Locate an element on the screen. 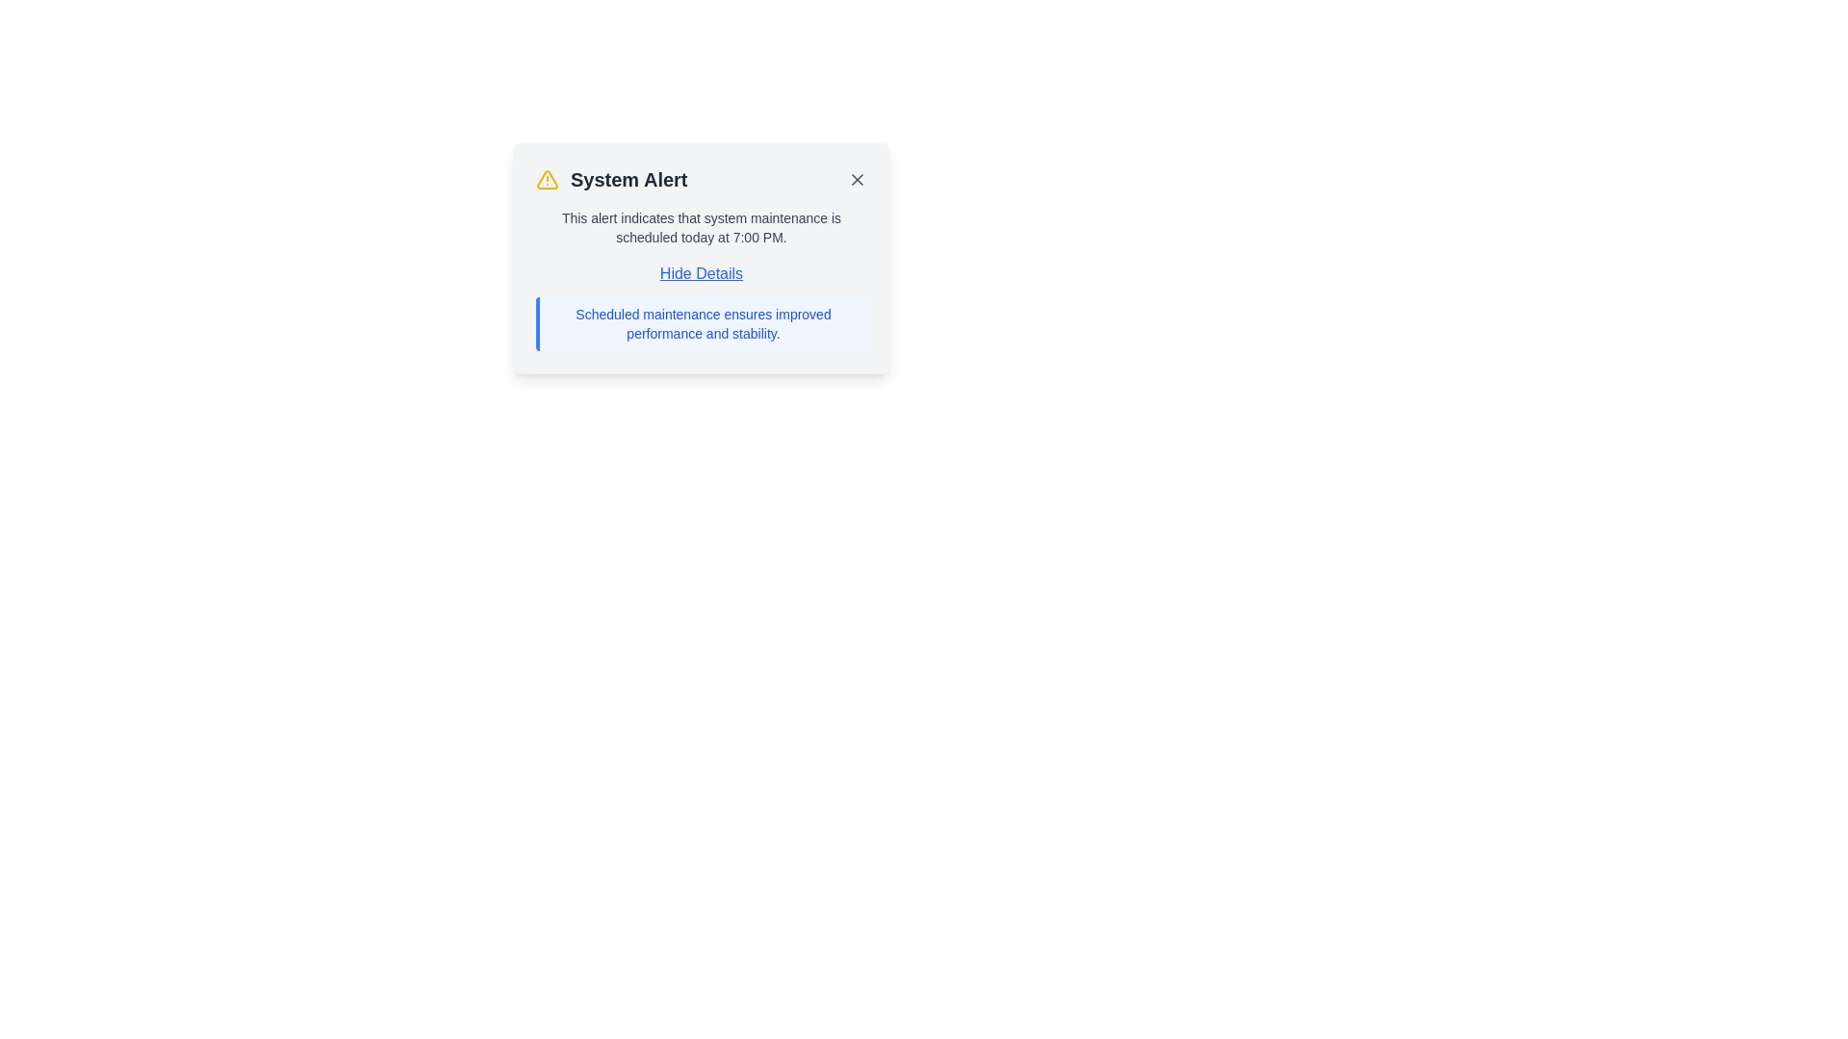  the informational text label that notifies the user about a scheduled system maintenance event, which is located below the 'System Alert' label and above the 'Hide Details' section is located at coordinates (701, 226).